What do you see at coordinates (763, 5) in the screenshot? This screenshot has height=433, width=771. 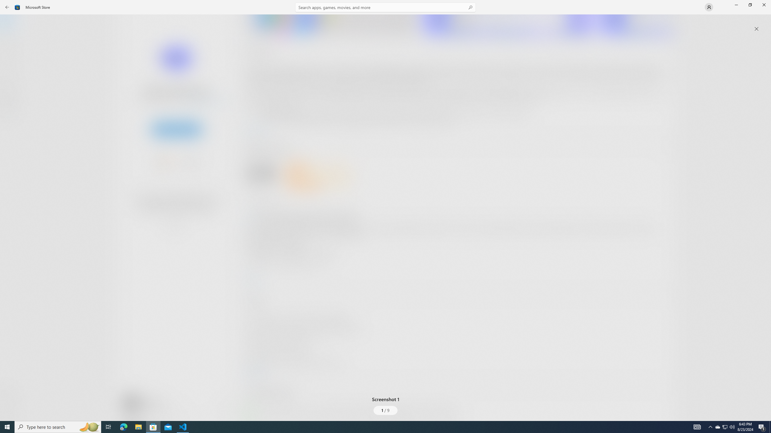 I see `'Close Microsoft Store'` at bounding box center [763, 5].